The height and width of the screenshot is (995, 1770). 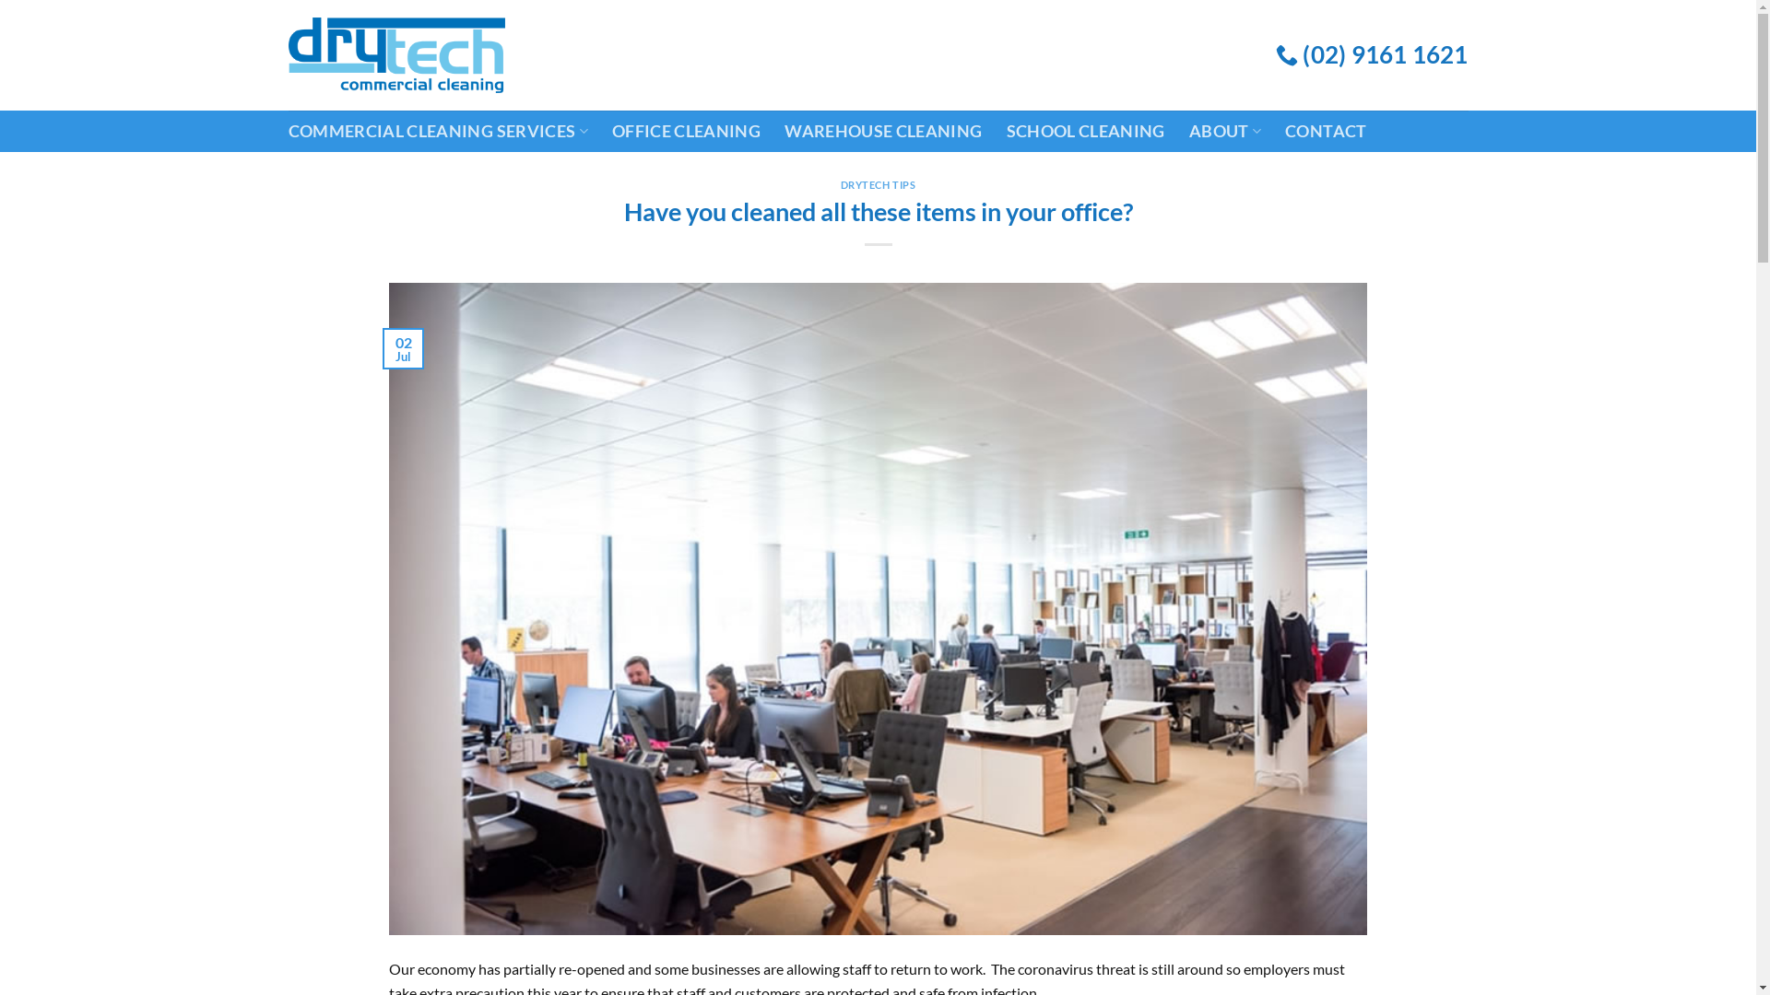 What do you see at coordinates (882, 130) in the screenshot?
I see `'WAREHOUSE CLEANING'` at bounding box center [882, 130].